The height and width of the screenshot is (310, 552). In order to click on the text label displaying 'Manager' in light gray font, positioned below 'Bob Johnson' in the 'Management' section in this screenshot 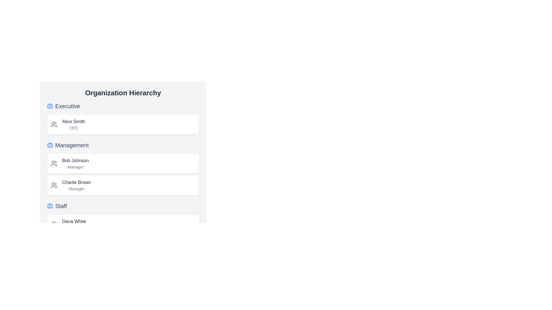, I will do `click(75, 167)`.